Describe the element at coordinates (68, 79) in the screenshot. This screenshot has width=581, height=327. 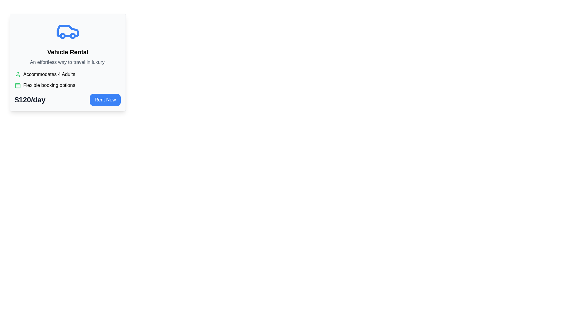
I see `information provided in the descriptive information block about the rental, which details accommodation capacity and booking flexibility, located within the 'Vehicle Rental' card layout` at that location.